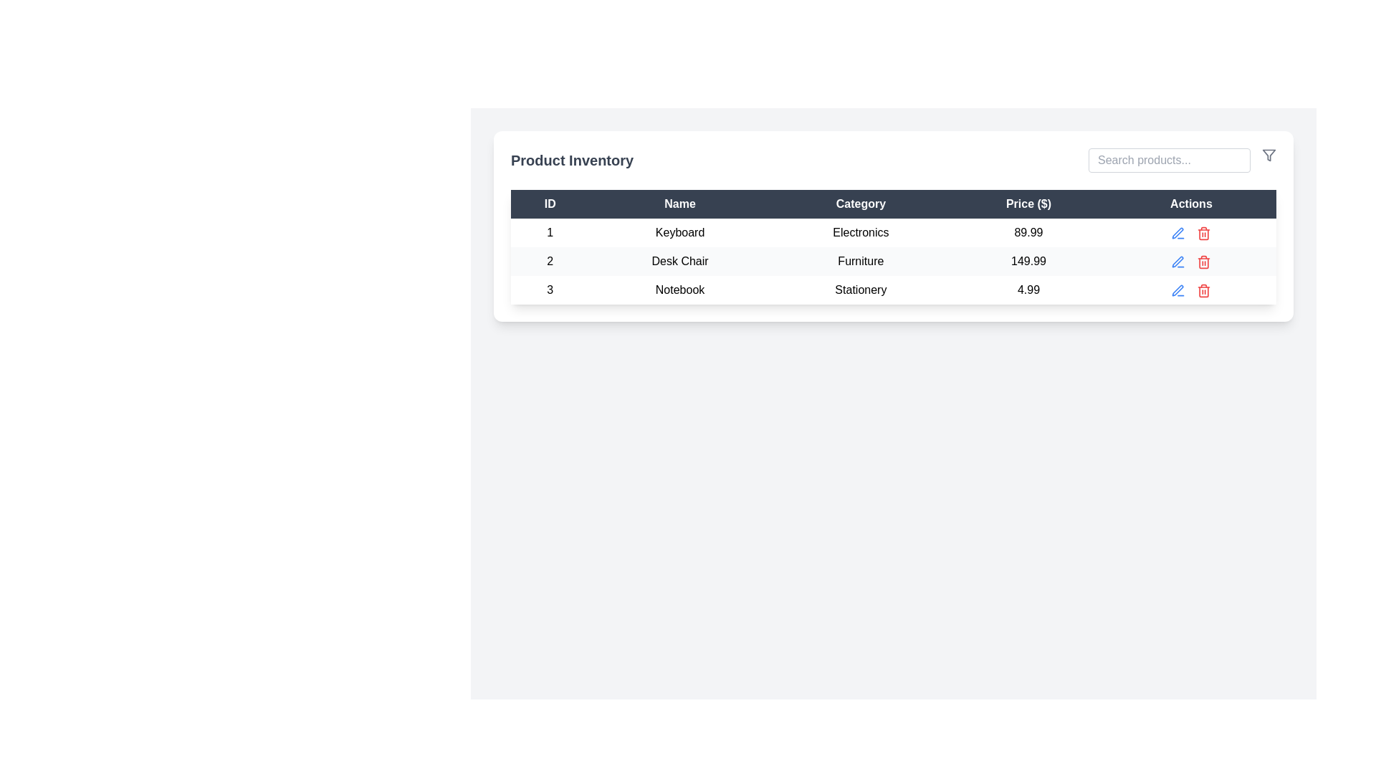 The height and width of the screenshot is (774, 1376). Describe the element at coordinates (1191, 204) in the screenshot. I see `the text label styled with a dark background and white serif font containing the word 'Actions', located in the top-right cell of the table header row` at that location.